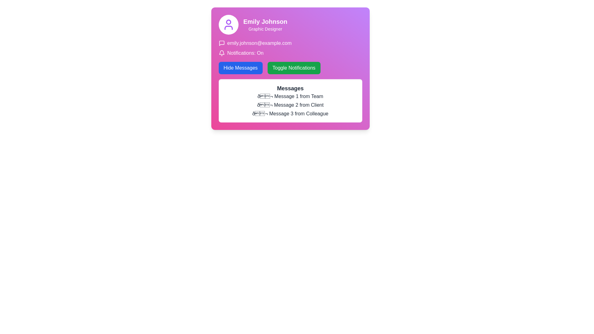 Image resolution: width=594 pixels, height=334 pixels. What do you see at coordinates (222, 53) in the screenshot?
I see `the notification icon located to the left of the text 'Notifications: On' in the user notifications section` at bounding box center [222, 53].